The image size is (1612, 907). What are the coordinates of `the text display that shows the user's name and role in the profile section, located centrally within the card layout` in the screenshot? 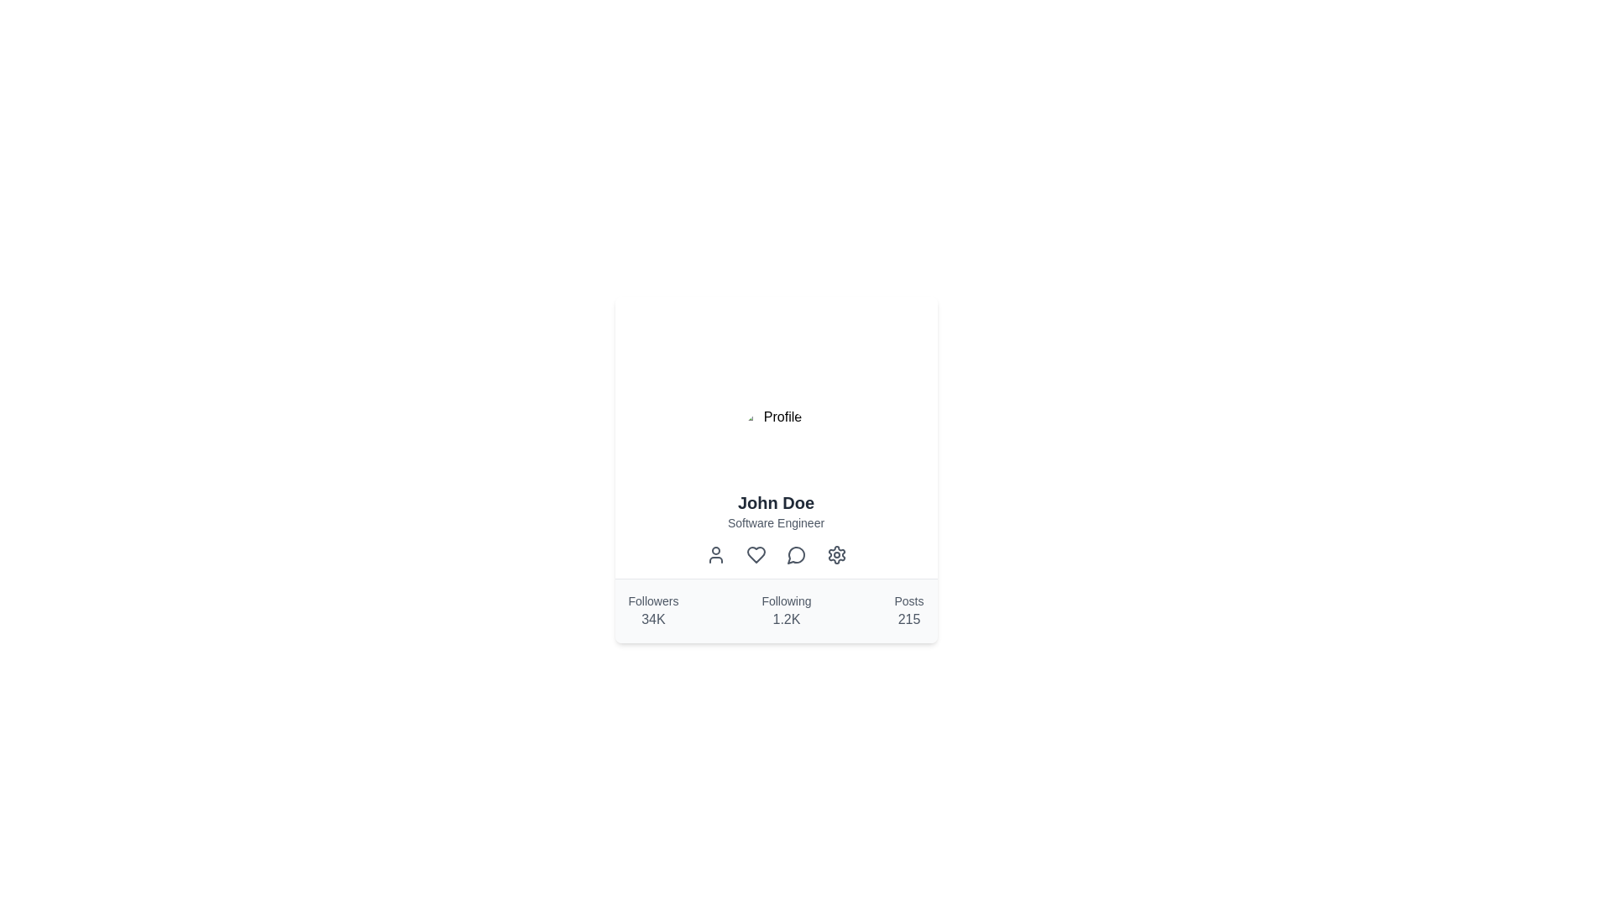 It's located at (775, 504).